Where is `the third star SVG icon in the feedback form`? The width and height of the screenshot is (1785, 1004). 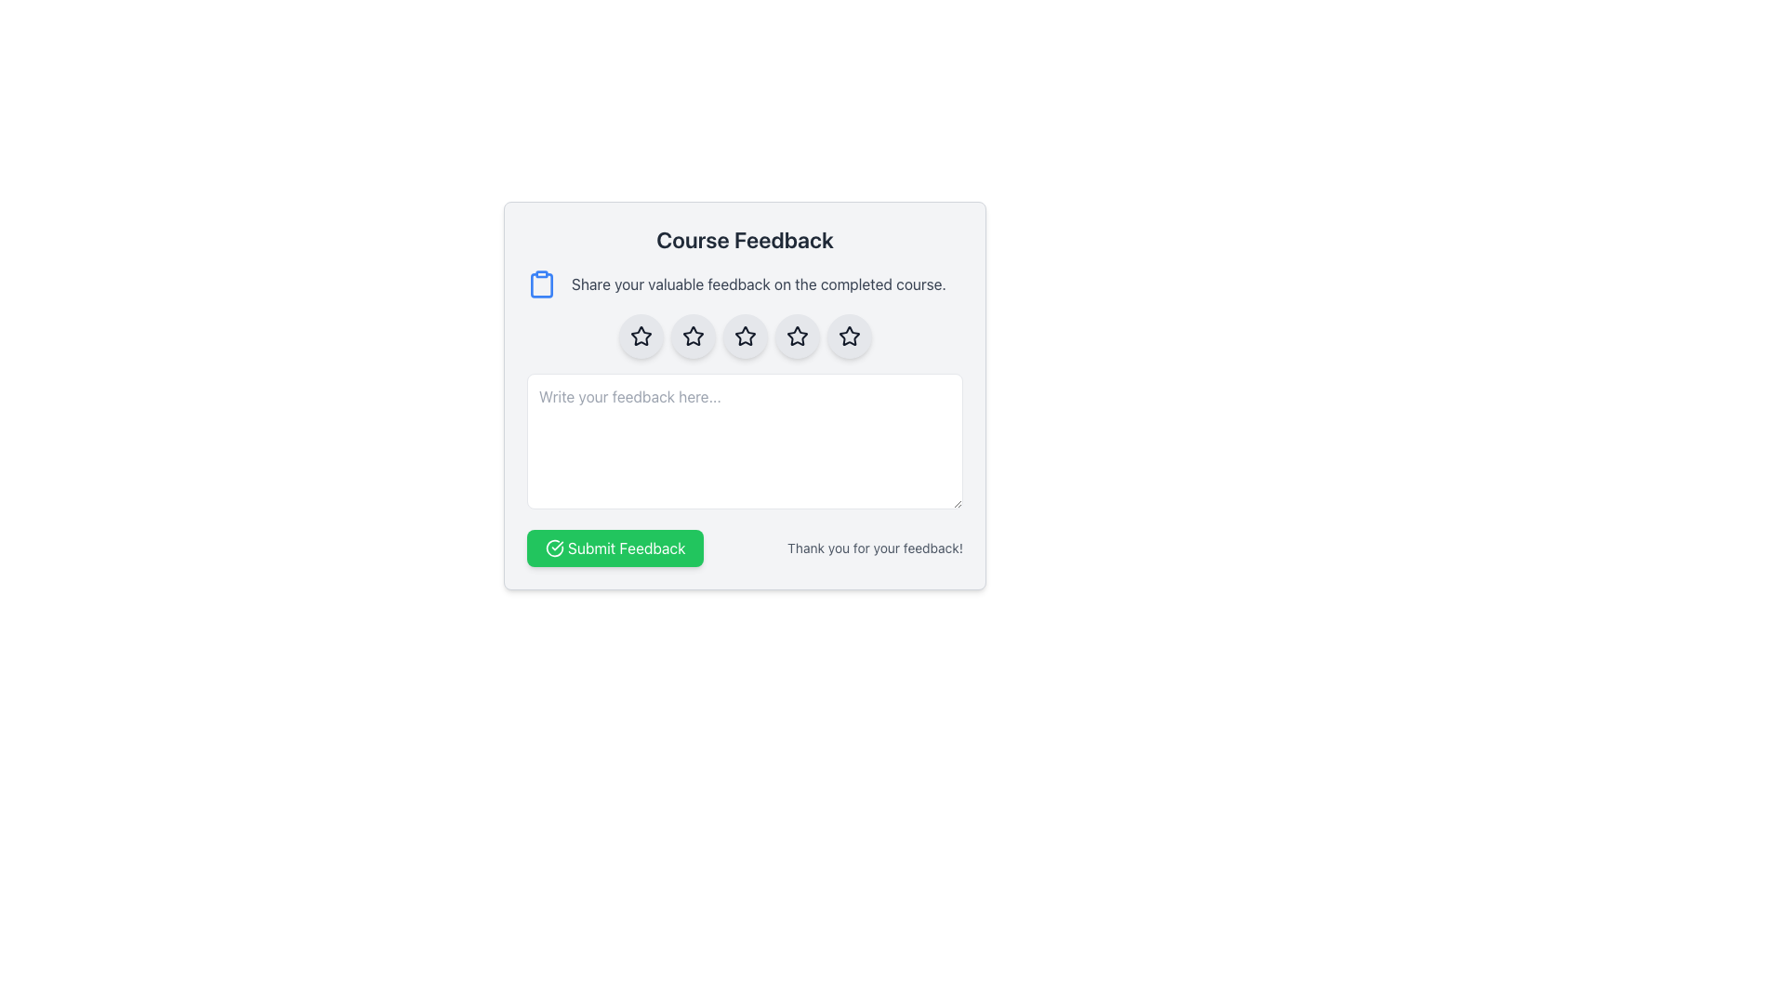
the third star SVG icon in the feedback form is located at coordinates (797, 336).